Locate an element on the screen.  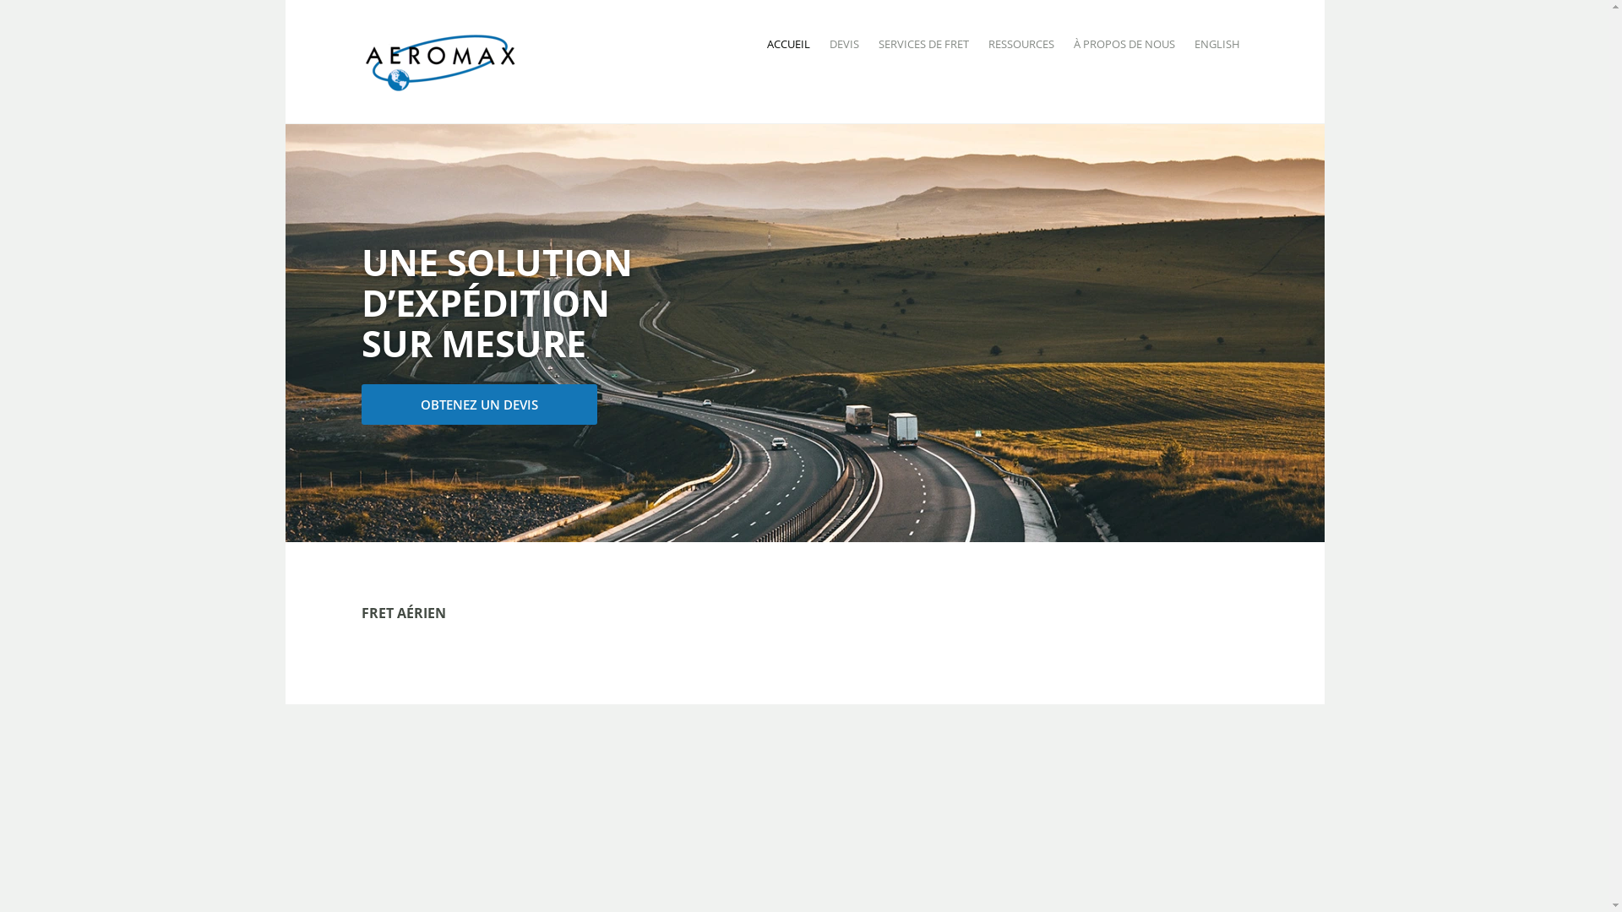
'OBTENEZ UN DEVIS' is located at coordinates (478, 404).